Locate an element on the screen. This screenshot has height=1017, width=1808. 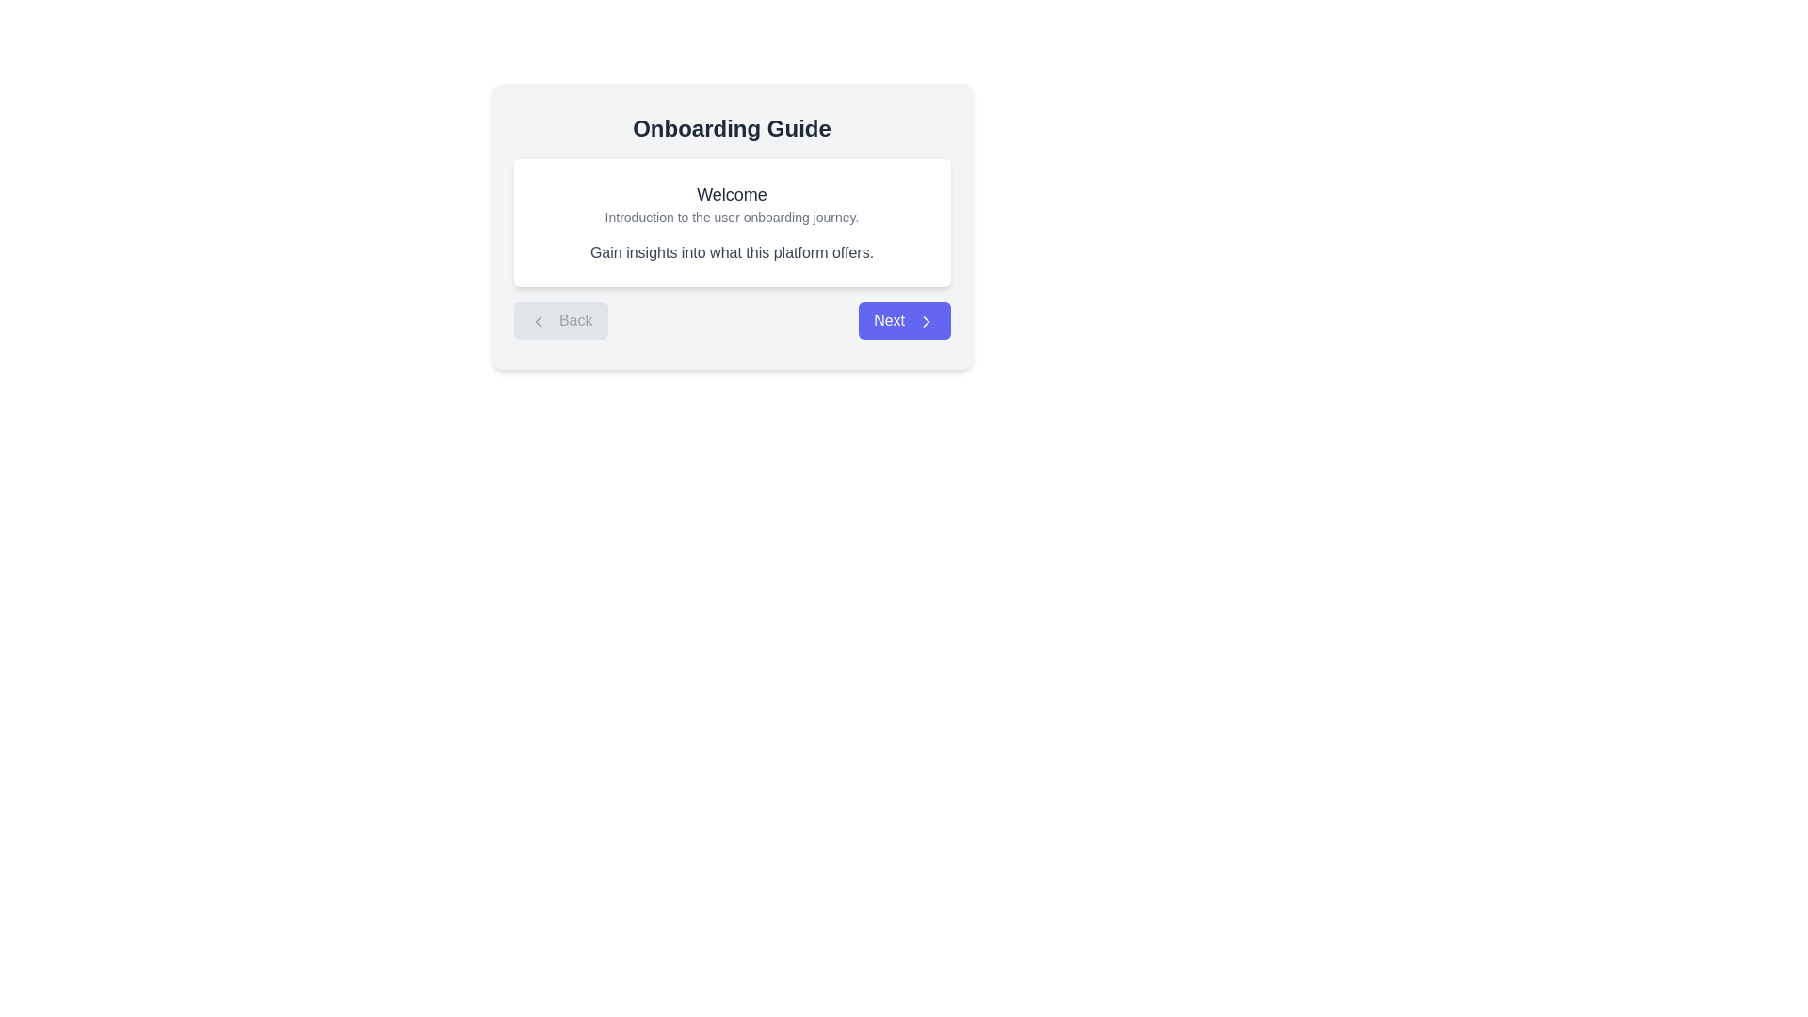
text block displaying 'Introduction to the user onboarding journey.' which is styled with small-sized gray font and positioned beneath the 'Welcome' heading is located at coordinates (731, 217).